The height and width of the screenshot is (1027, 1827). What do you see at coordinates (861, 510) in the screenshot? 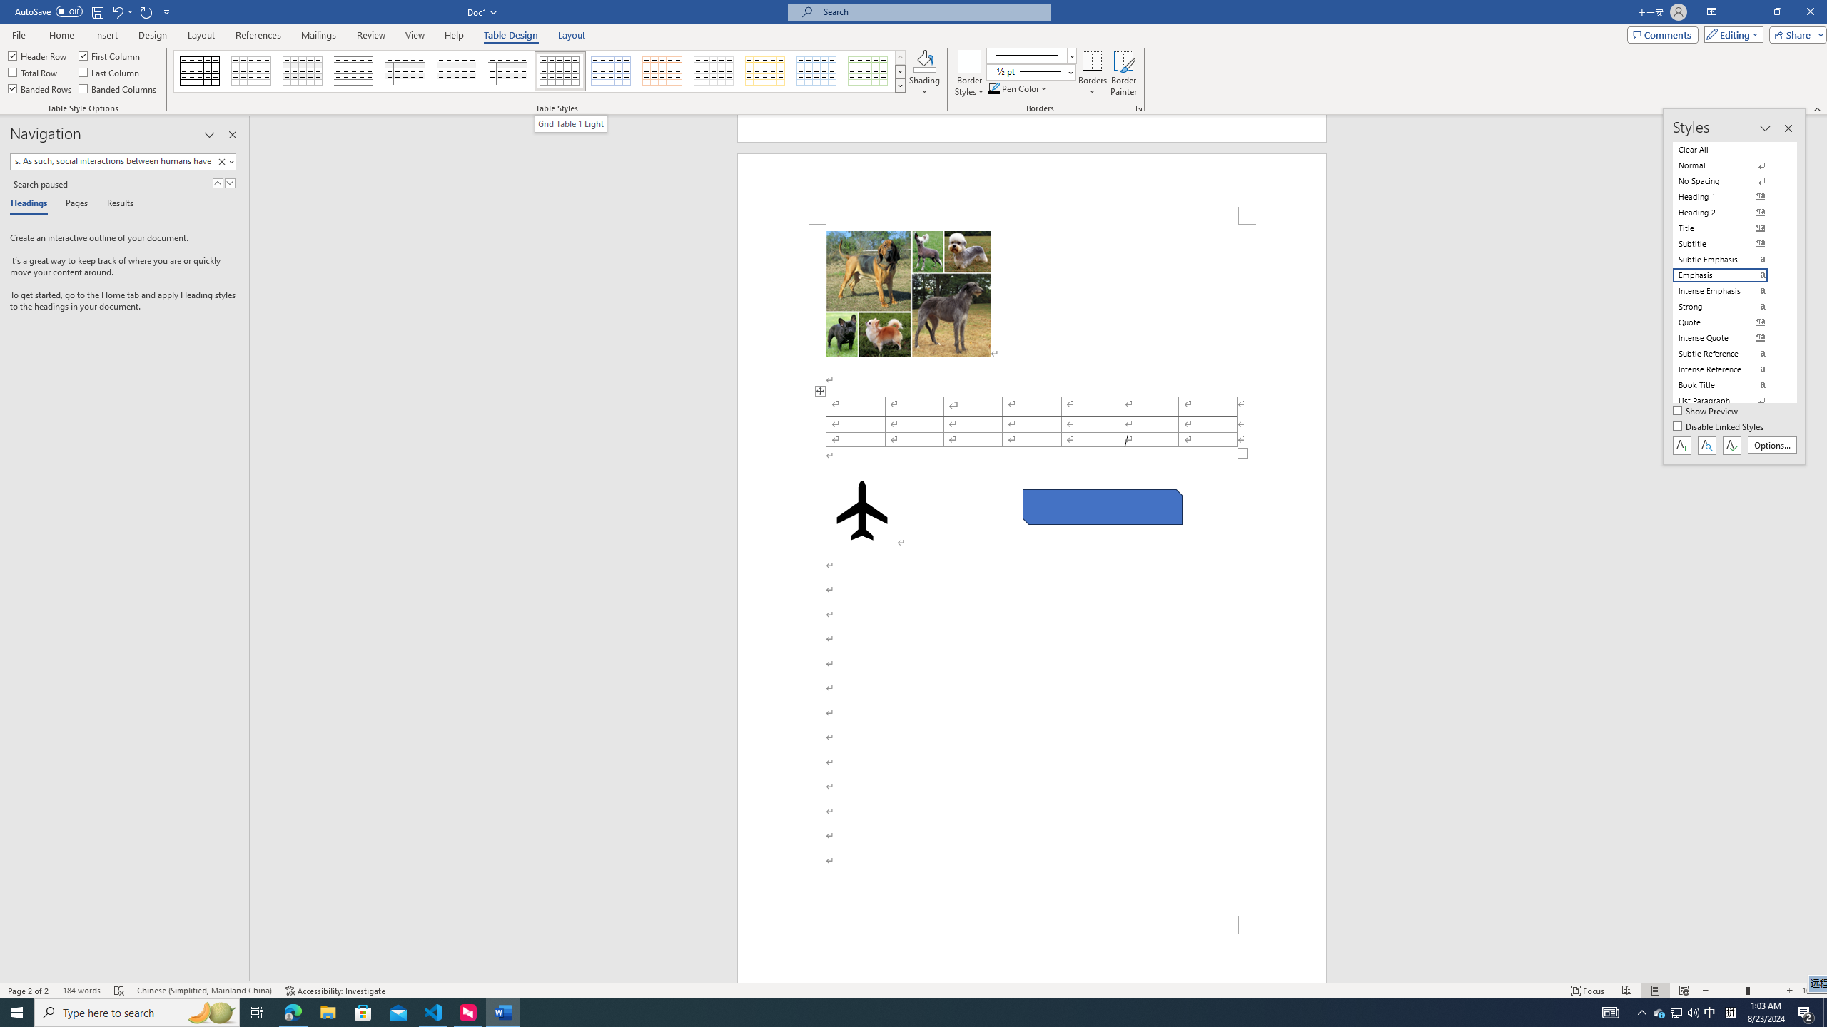
I see `'Airplane with solid fill'` at bounding box center [861, 510].